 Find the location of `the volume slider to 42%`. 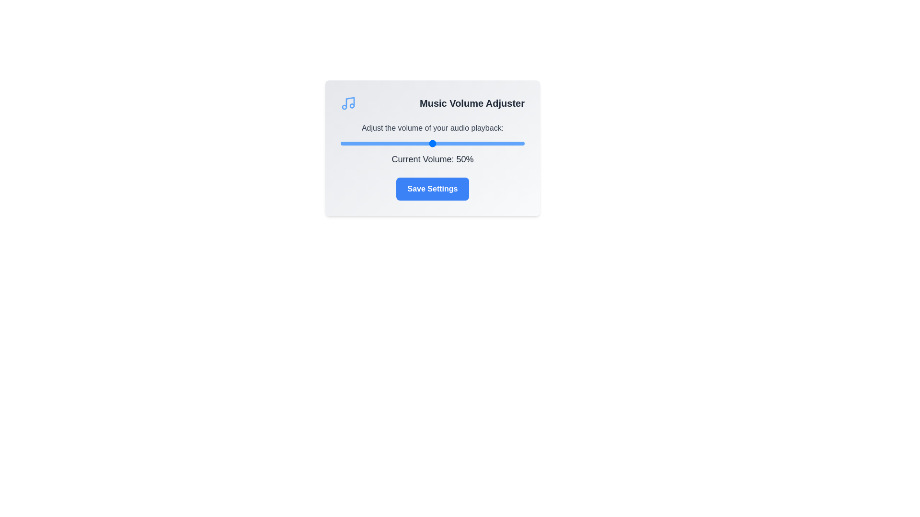

the volume slider to 42% is located at coordinates (418, 144).